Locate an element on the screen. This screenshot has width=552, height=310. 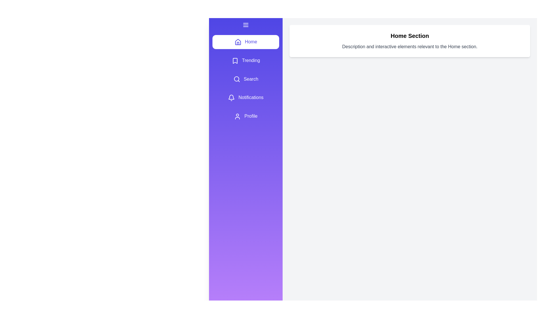
the navigation option Search by clicking on it is located at coordinates (246, 79).